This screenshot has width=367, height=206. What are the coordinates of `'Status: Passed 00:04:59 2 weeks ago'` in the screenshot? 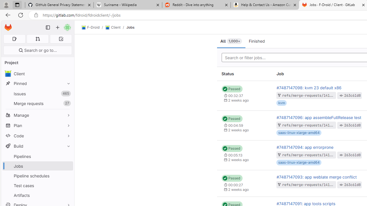 It's located at (244, 125).